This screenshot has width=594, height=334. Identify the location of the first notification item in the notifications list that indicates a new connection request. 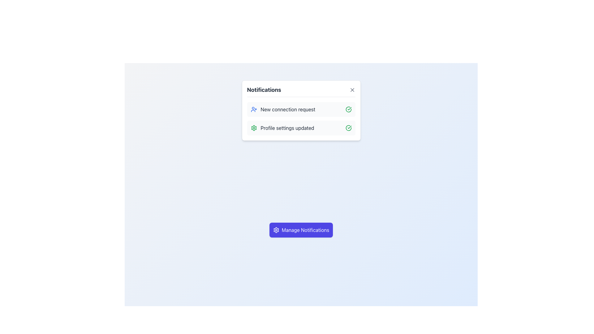
(301, 119).